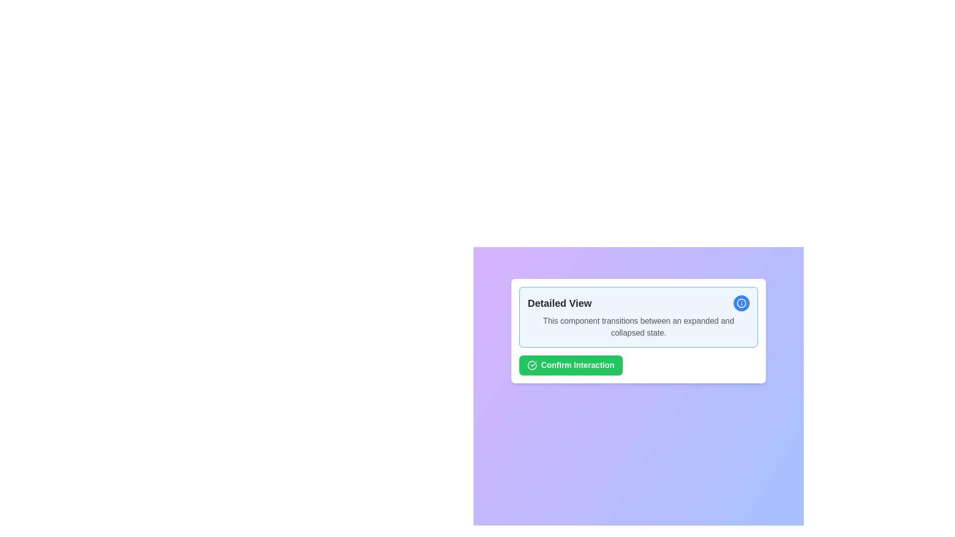  What do you see at coordinates (532, 365) in the screenshot?
I see `the decorative graphic inside the green button labeled 'Confirm Interaction' in the 'Detailed View' dialog box, which indicates confirmation or a successful action` at bounding box center [532, 365].